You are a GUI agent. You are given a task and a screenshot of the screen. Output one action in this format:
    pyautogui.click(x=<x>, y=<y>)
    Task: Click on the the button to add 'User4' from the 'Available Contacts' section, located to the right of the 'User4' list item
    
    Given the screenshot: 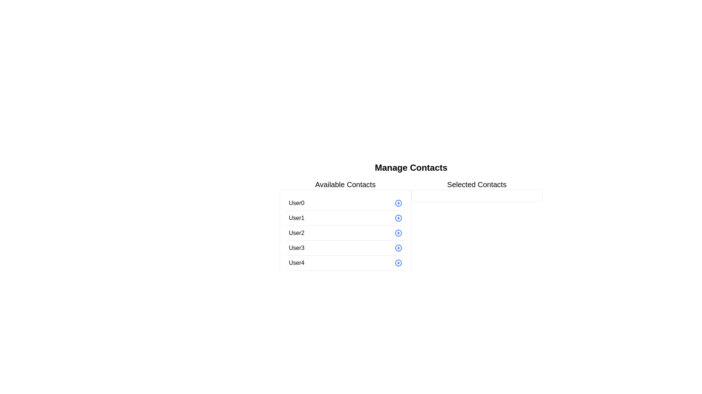 What is the action you would take?
    pyautogui.click(x=398, y=263)
    